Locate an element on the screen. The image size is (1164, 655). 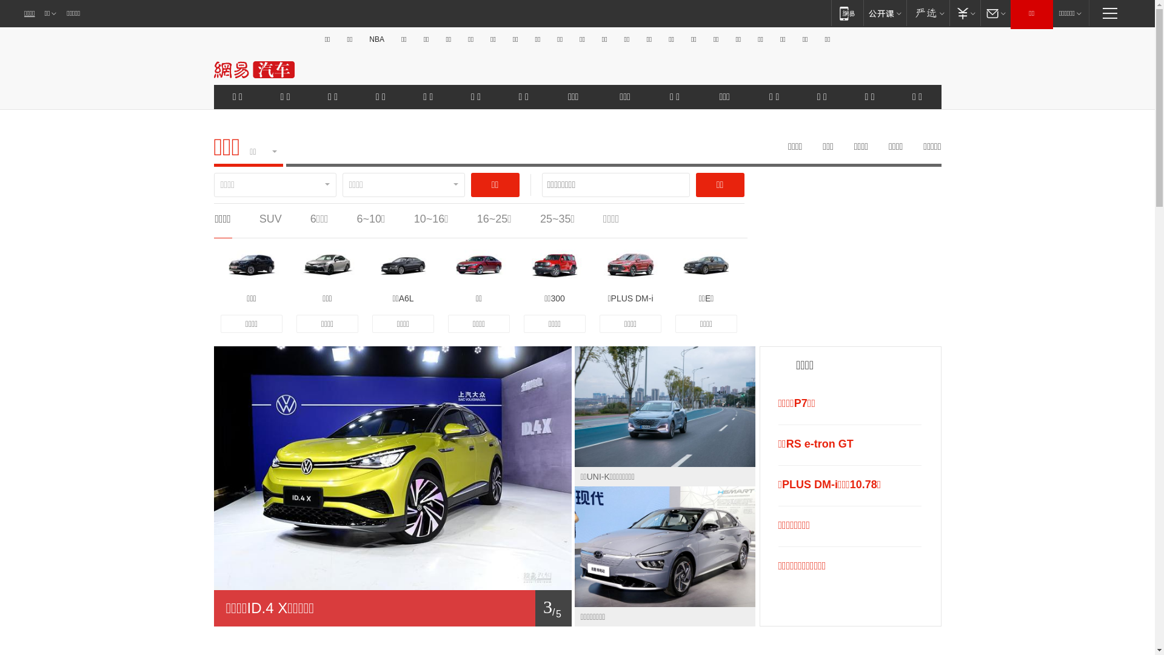
'NBA' is located at coordinates (376, 39).